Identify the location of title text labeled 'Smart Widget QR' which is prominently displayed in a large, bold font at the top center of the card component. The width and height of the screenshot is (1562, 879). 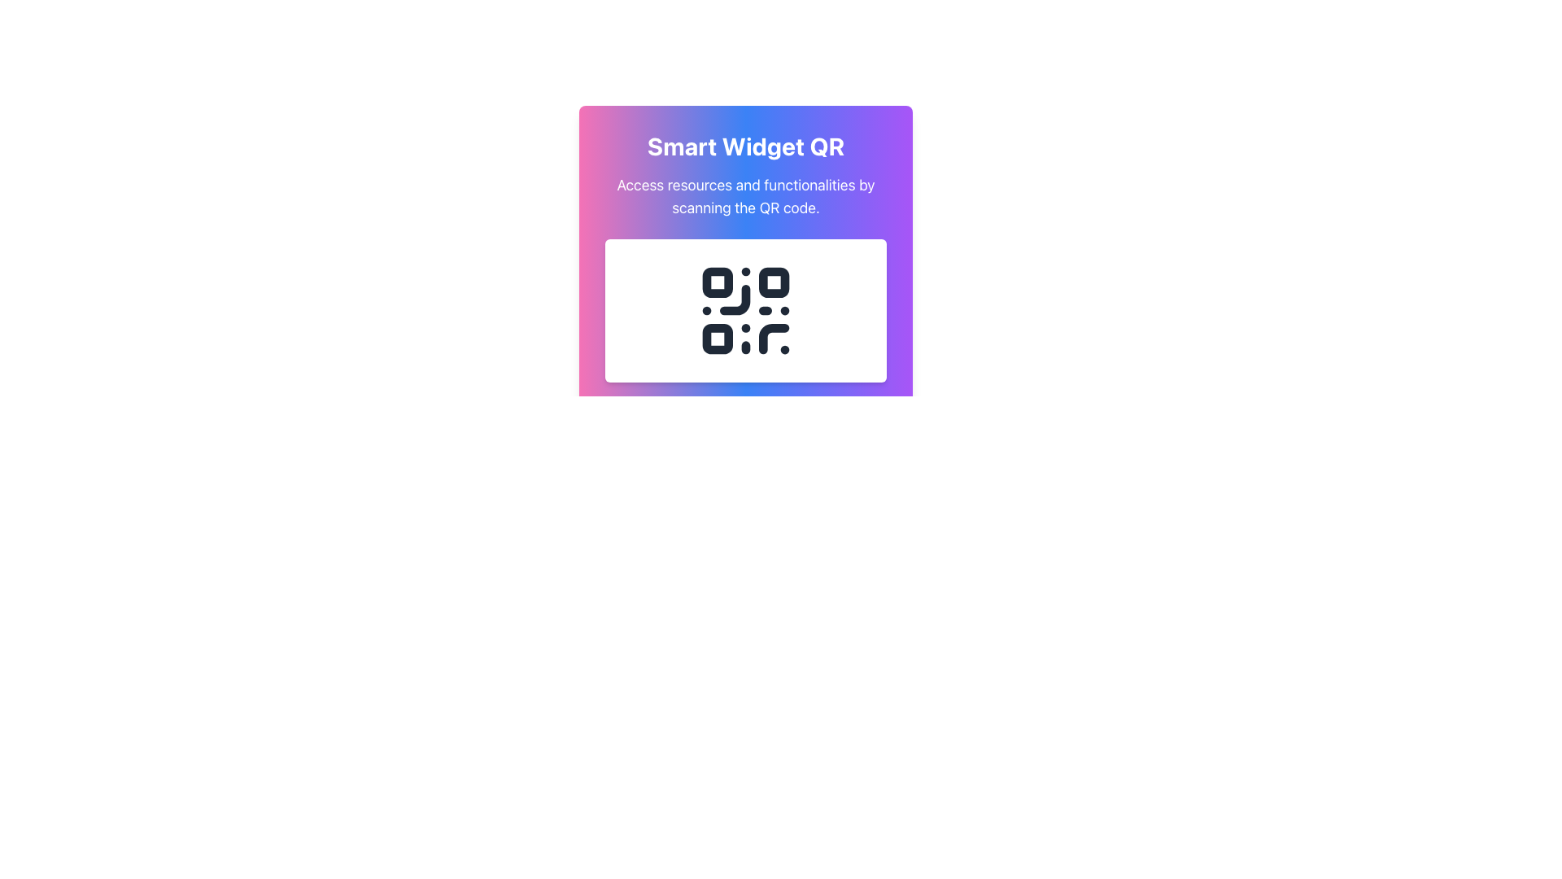
(744, 146).